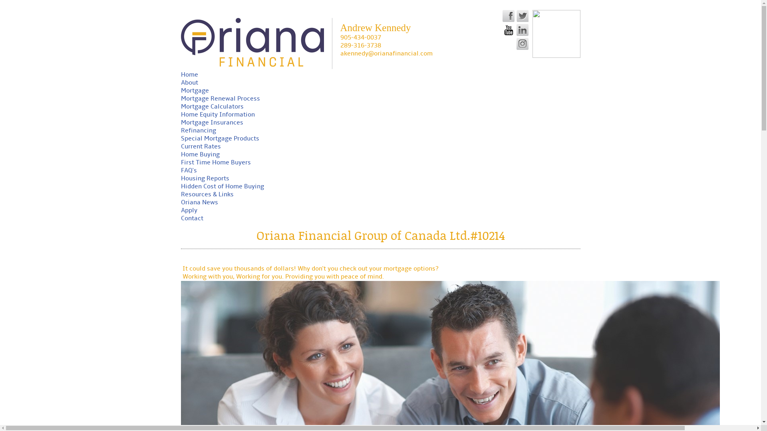 The image size is (767, 431). Describe the element at coordinates (189, 75) in the screenshot. I see `'Home'` at that location.